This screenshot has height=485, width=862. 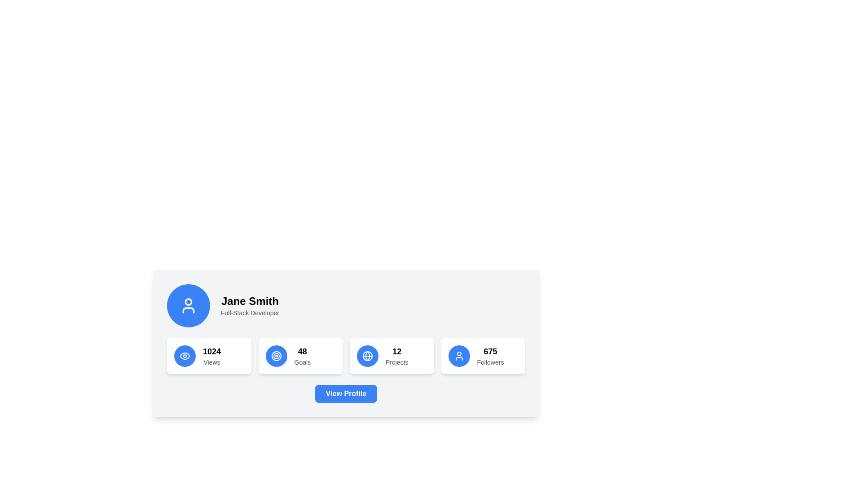 What do you see at coordinates (302, 351) in the screenshot?
I see `the text label displaying the number '48', which is bold and larger than nearby text, located within the 'Goals' section of the user statistics card` at bounding box center [302, 351].